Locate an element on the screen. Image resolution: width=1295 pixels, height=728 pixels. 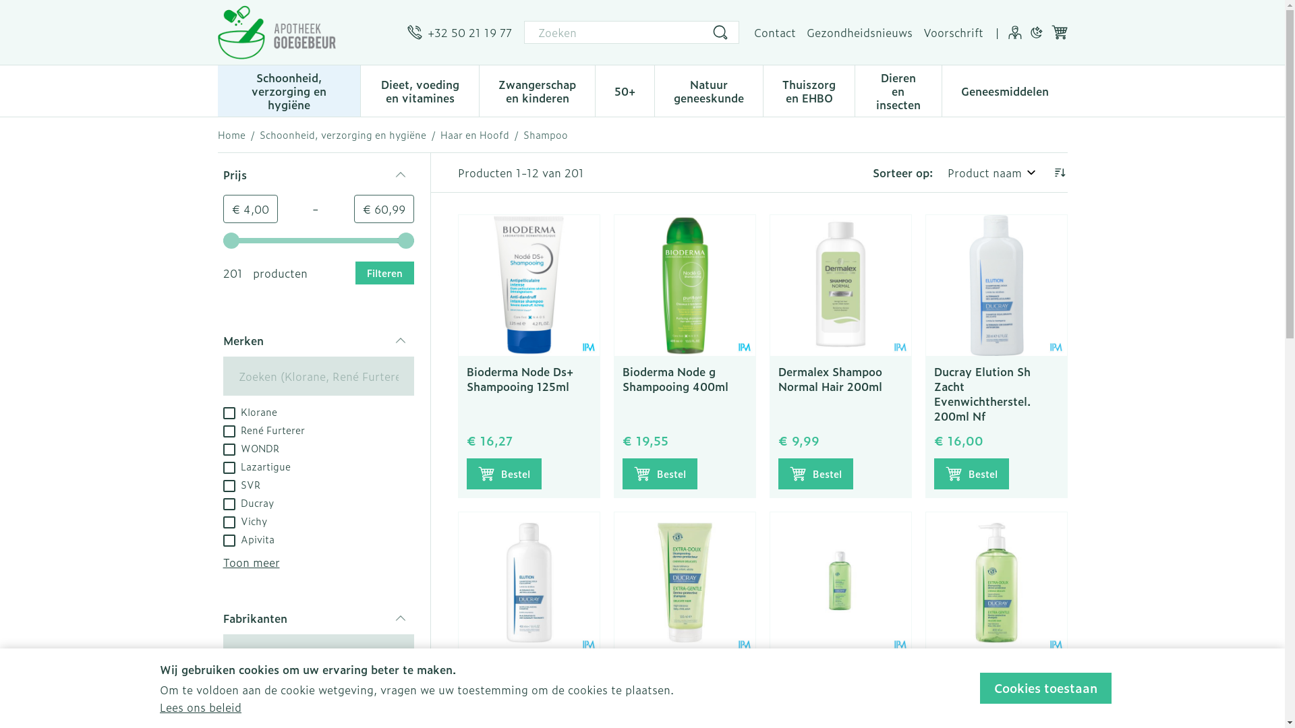
'Ducray Elution Sh Zacht Evenwichtherstel. 200ml Nf' is located at coordinates (981, 393).